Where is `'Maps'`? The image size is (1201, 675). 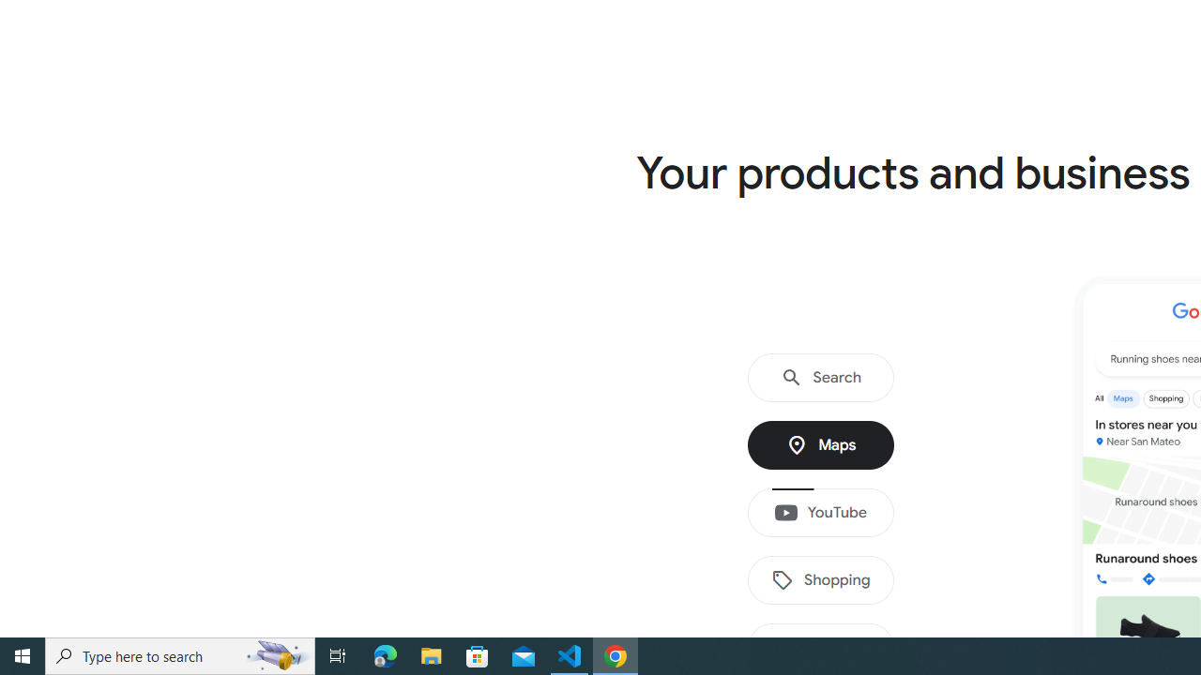
'Maps' is located at coordinates (821, 445).